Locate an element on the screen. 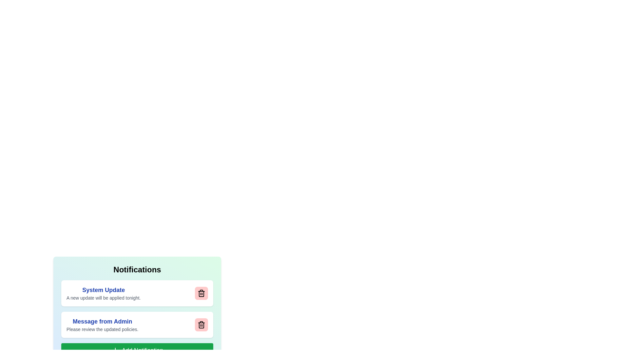 This screenshot has height=354, width=629. 'Add Notification' button to add a new notification is located at coordinates (137, 350).